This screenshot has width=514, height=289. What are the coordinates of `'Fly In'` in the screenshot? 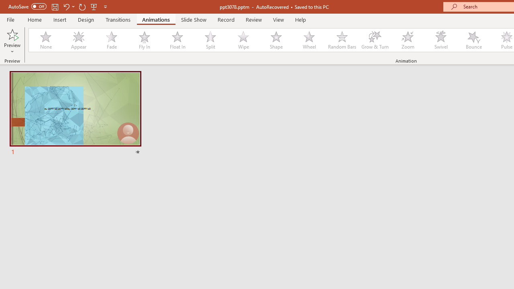 It's located at (144, 40).